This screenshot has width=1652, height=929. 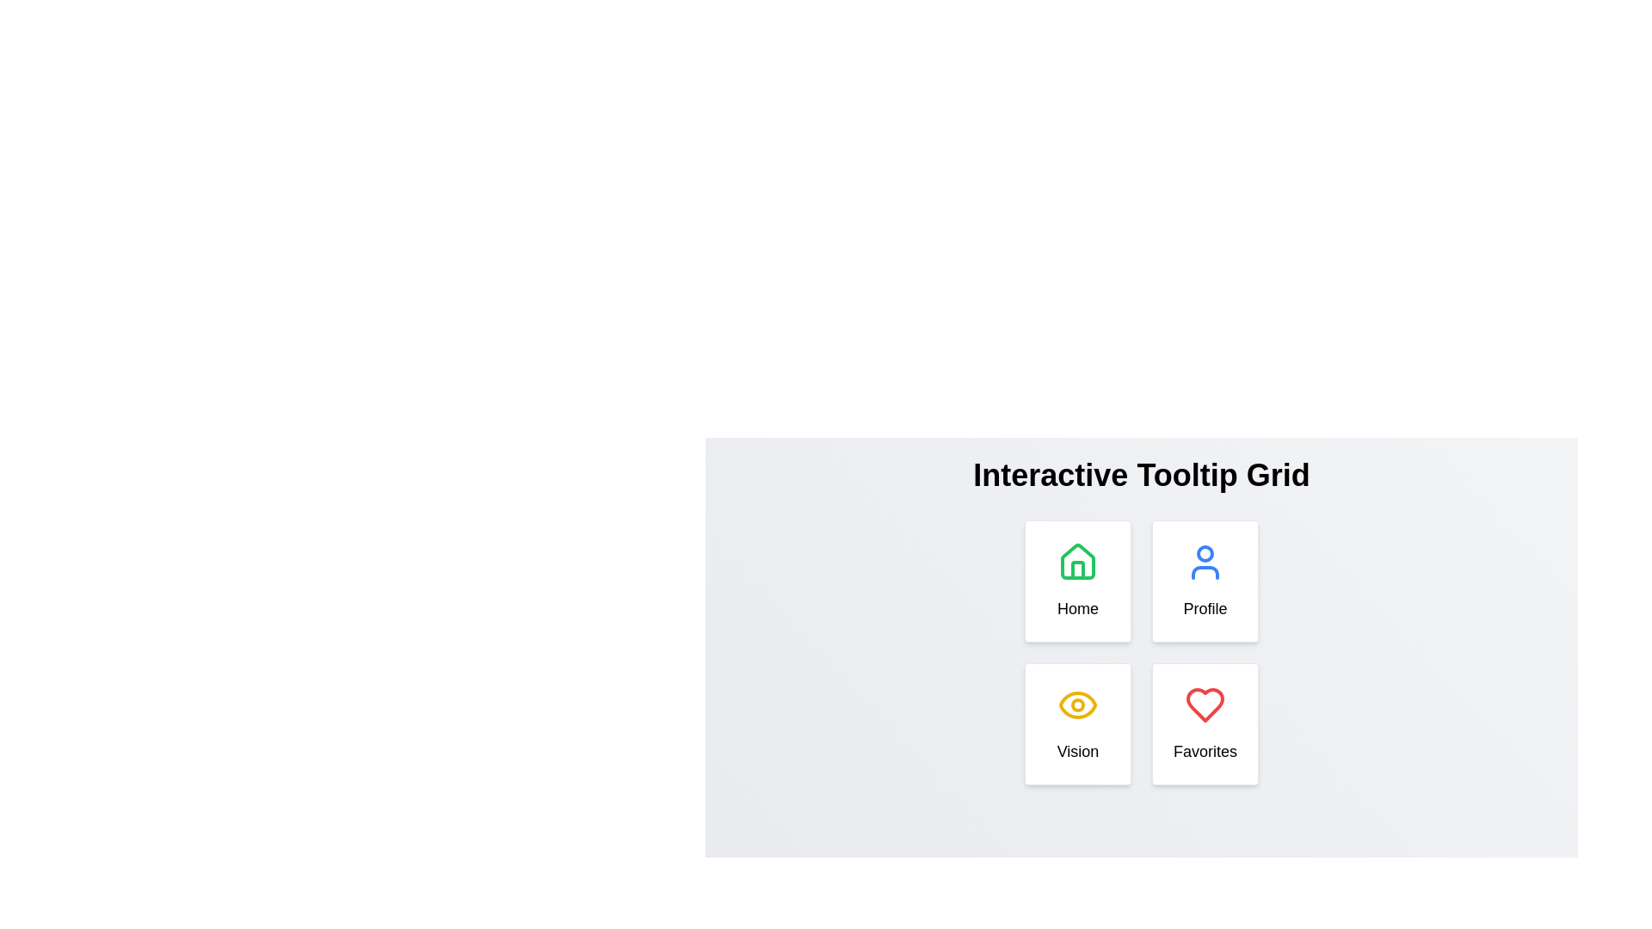 I want to click on the card with a white background, rounded corners, and an eye icon in yellow labeled 'Vision', positioned in the bottom-left corner of a 2x2 grid layout as the third card, so click(x=1076, y=723).